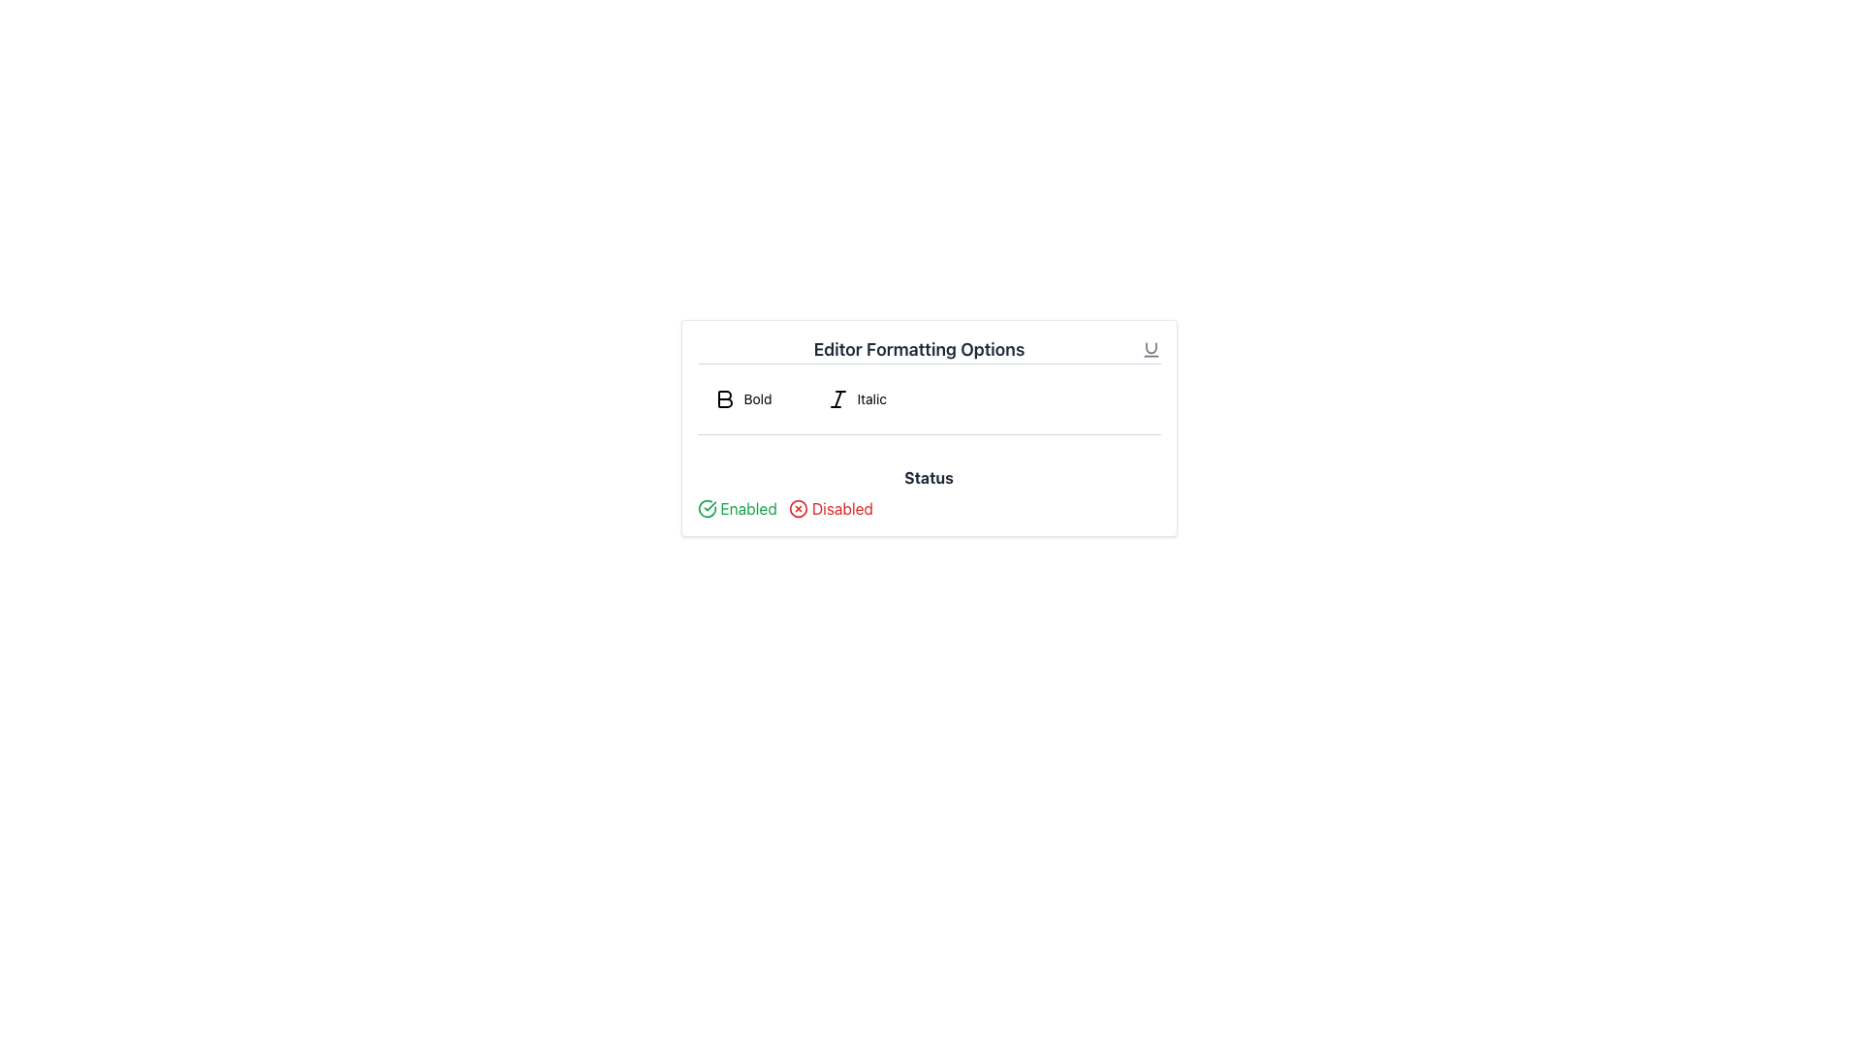  What do you see at coordinates (855, 398) in the screenshot?
I see `the italic formatting button located in the 'Editor Formatting Options' section` at bounding box center [855, 398].